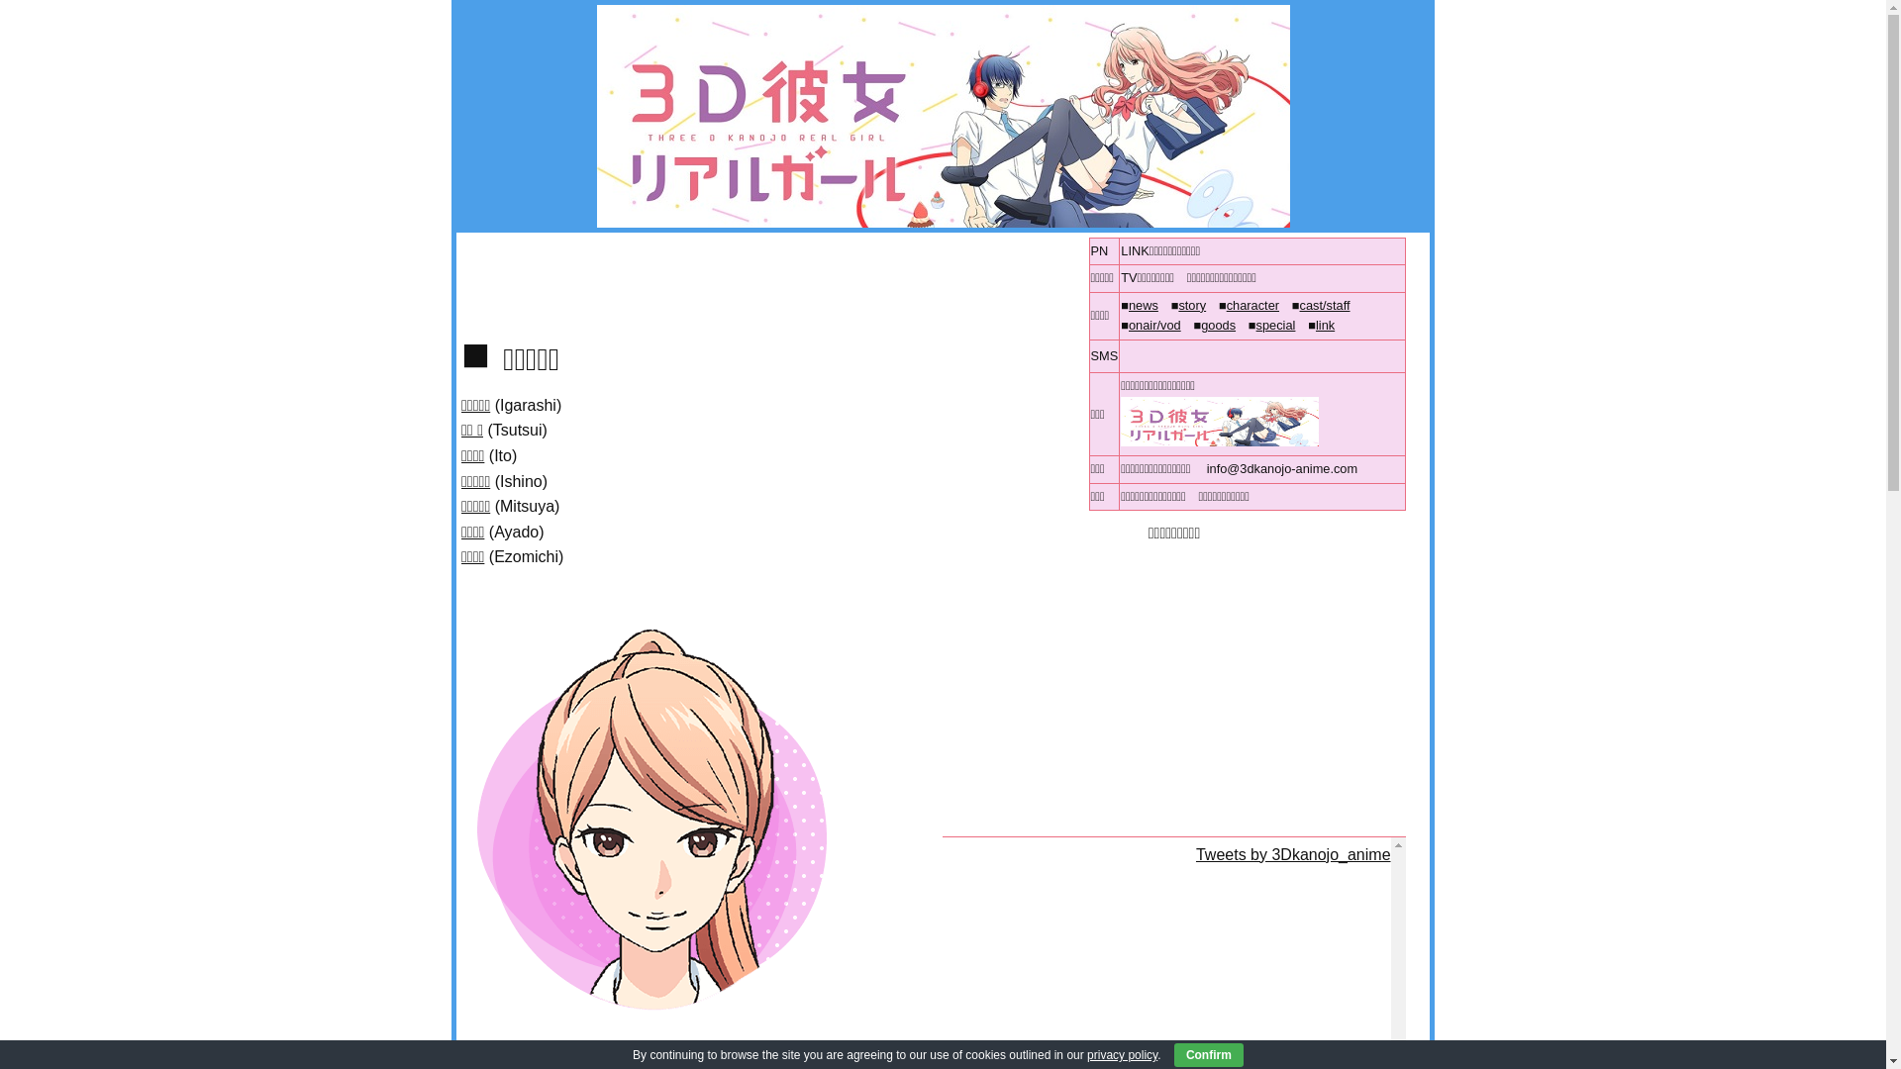  What do you see at coordinates (1154, 324) in the screenshot?
I see `'onair/vod'` at bounding box center [1154, 324].